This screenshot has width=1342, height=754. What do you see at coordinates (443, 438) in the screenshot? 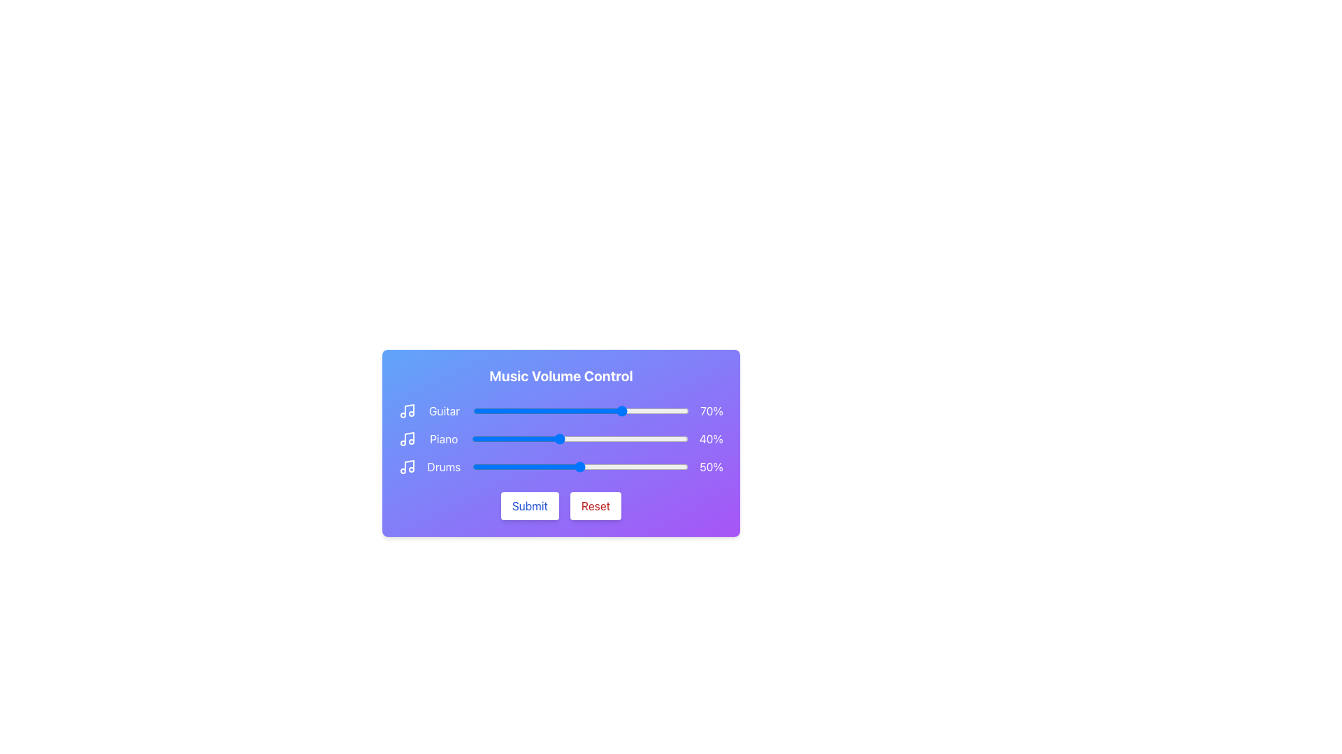
I see `the text label displaying the word 'Piano', which is styled with a sans-serif font and is white on a gradient background, located in the middle row of music volume controls` at bounding box center [443, 438].